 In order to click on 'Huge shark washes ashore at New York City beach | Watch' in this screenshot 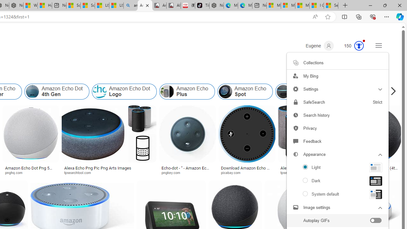, I will do `click(44, 5)`.